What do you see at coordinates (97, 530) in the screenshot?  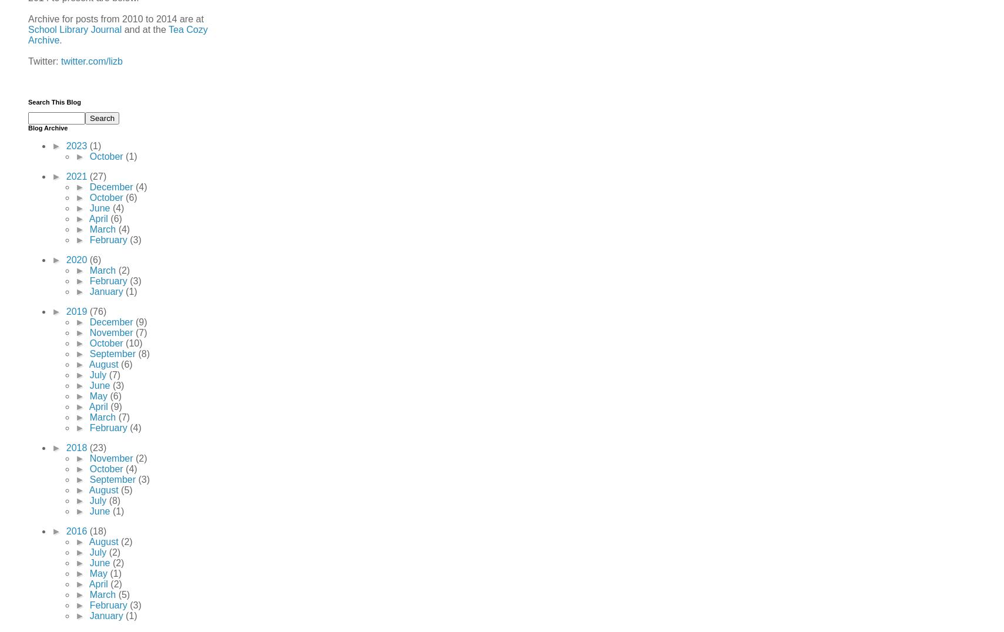 I see `'(18)'` at bounding box center [97, 530].